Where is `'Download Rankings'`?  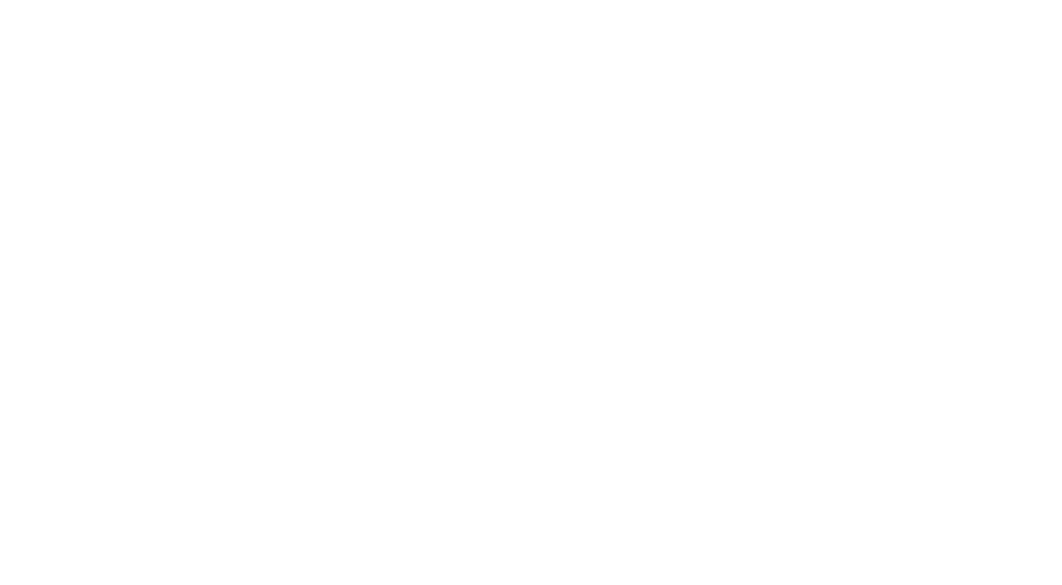
'Download Rankings' is located at coordinates (608, 577).